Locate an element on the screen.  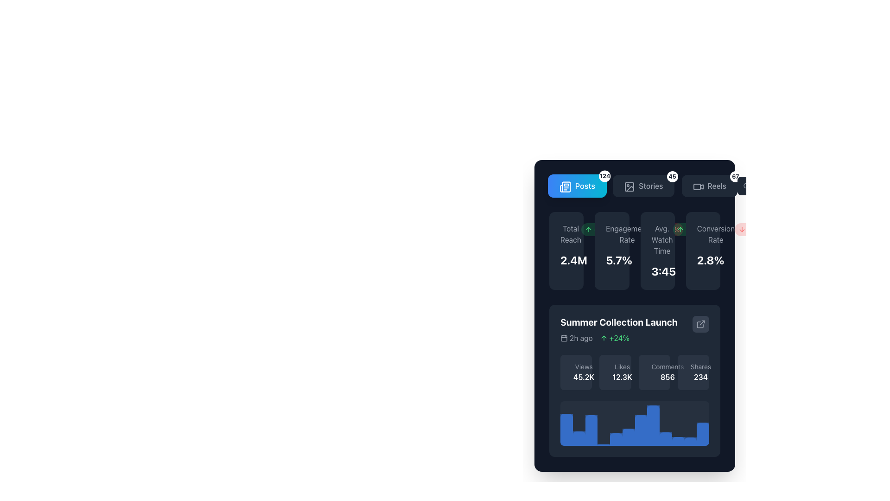
displayed number on the Notification badge located at the top right corner of the 'Stories' section is located at coordinates (672, 177).